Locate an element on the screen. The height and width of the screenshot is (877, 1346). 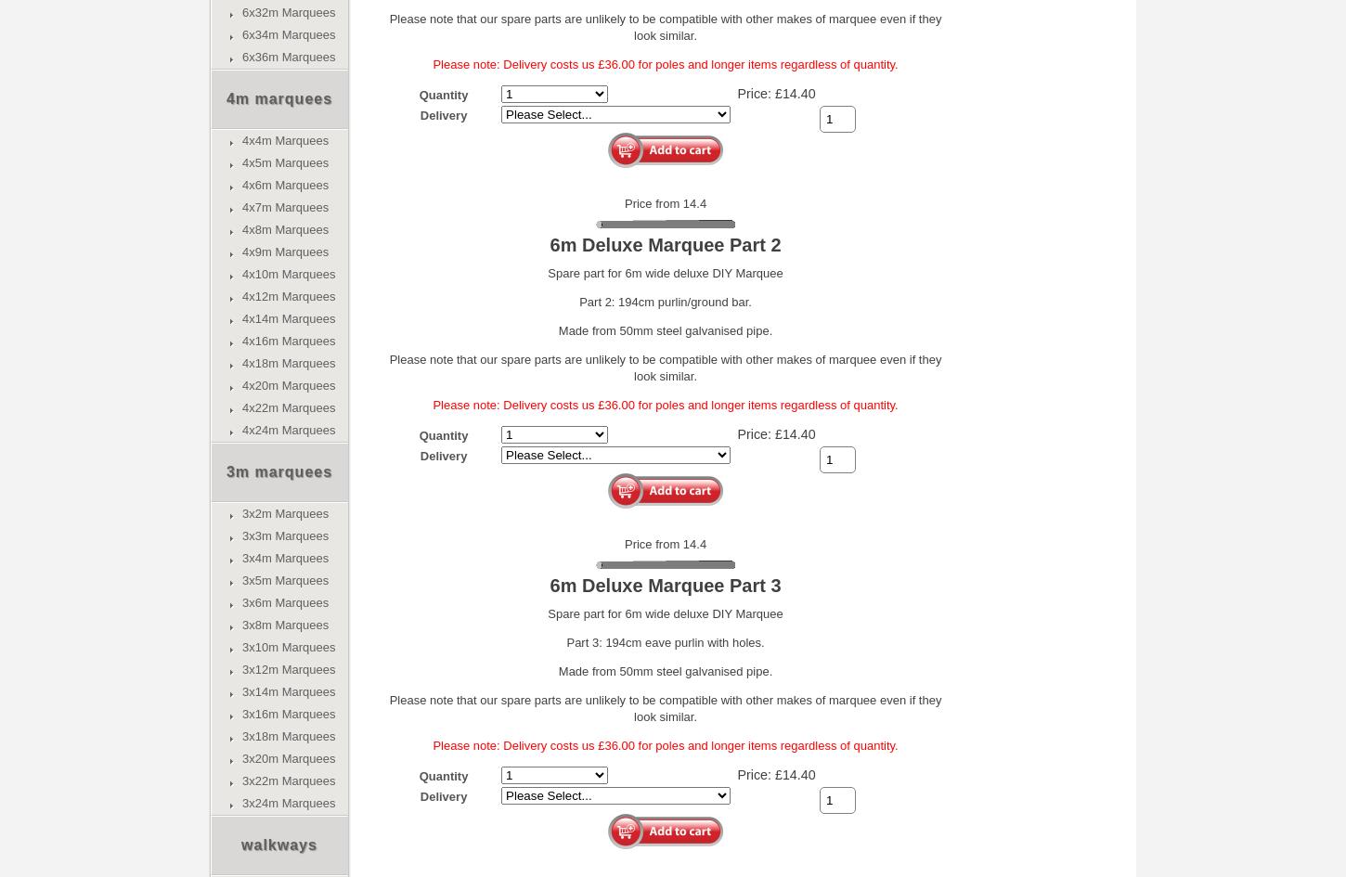
'3x4m Marquees' is located at coordinates (285, 558).